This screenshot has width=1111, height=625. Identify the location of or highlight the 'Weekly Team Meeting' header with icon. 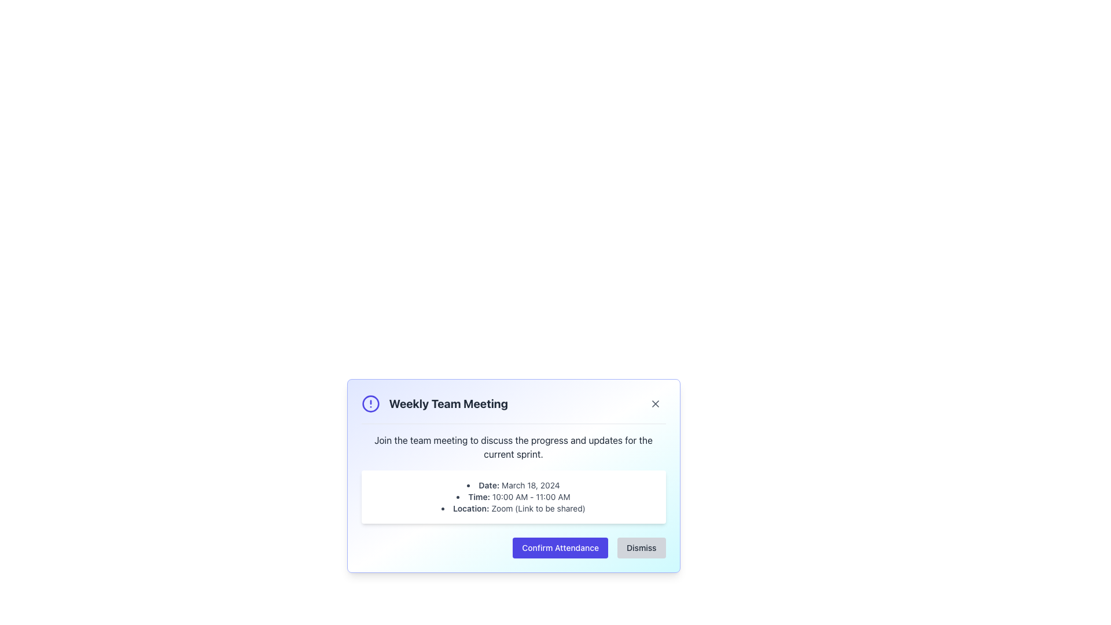
(434, 403).